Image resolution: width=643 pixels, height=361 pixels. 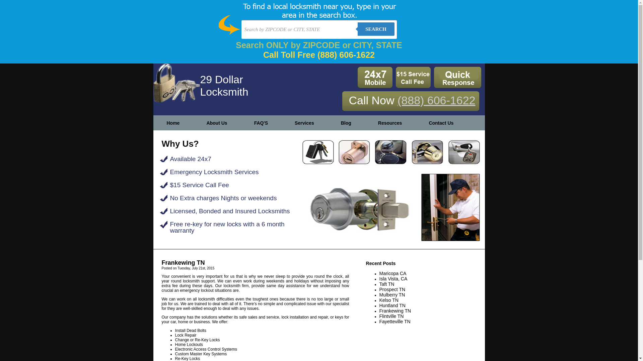 I want to click on 'About Us', so click(x=193, y=123).